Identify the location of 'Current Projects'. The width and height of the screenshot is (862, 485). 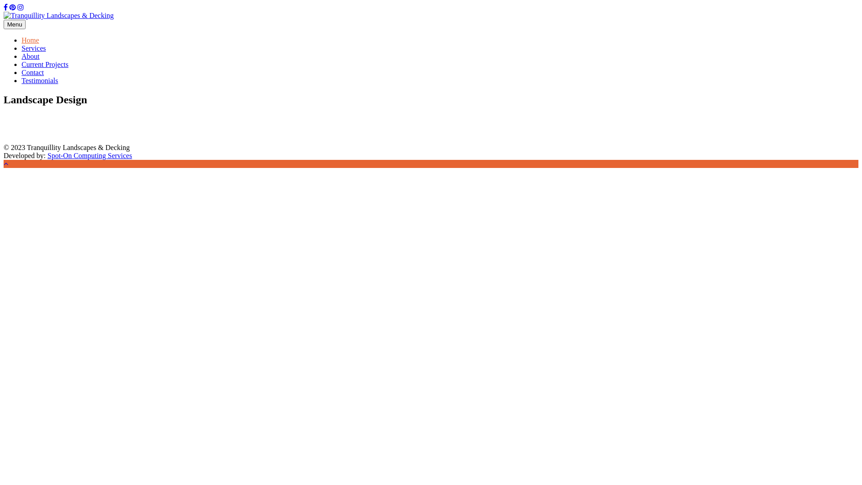
(22, 64).